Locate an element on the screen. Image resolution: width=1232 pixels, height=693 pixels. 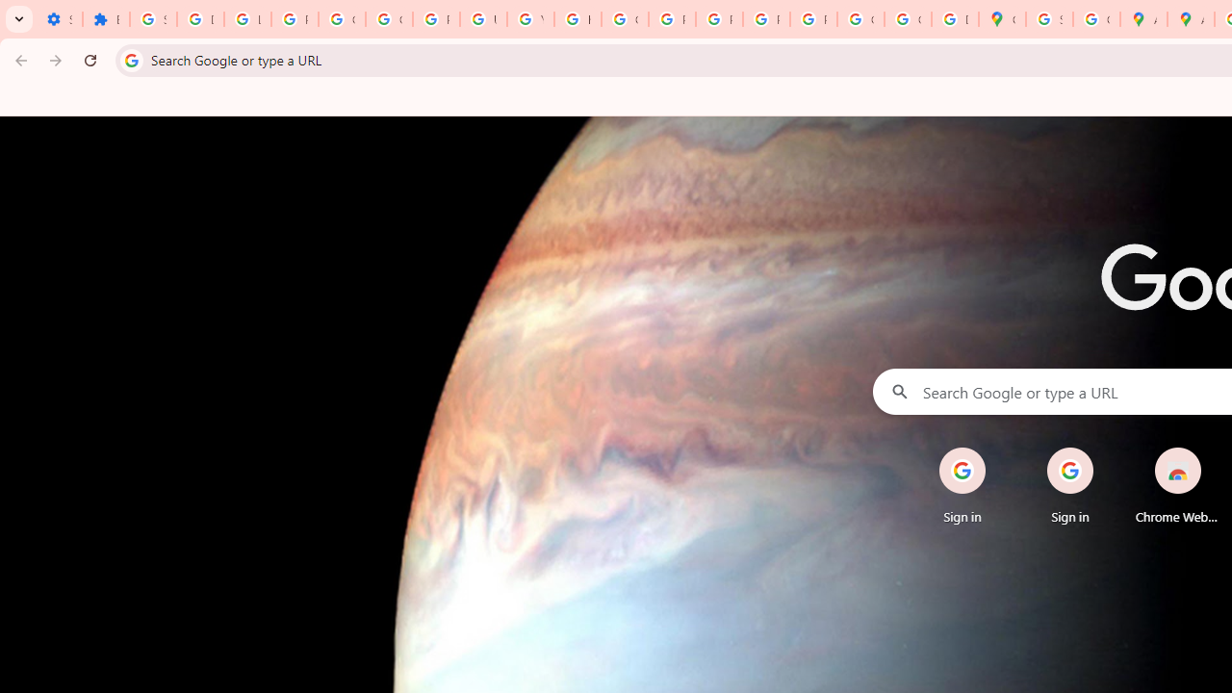
'Sign in - Google Accounts' is located at coordinates (1048, 19).